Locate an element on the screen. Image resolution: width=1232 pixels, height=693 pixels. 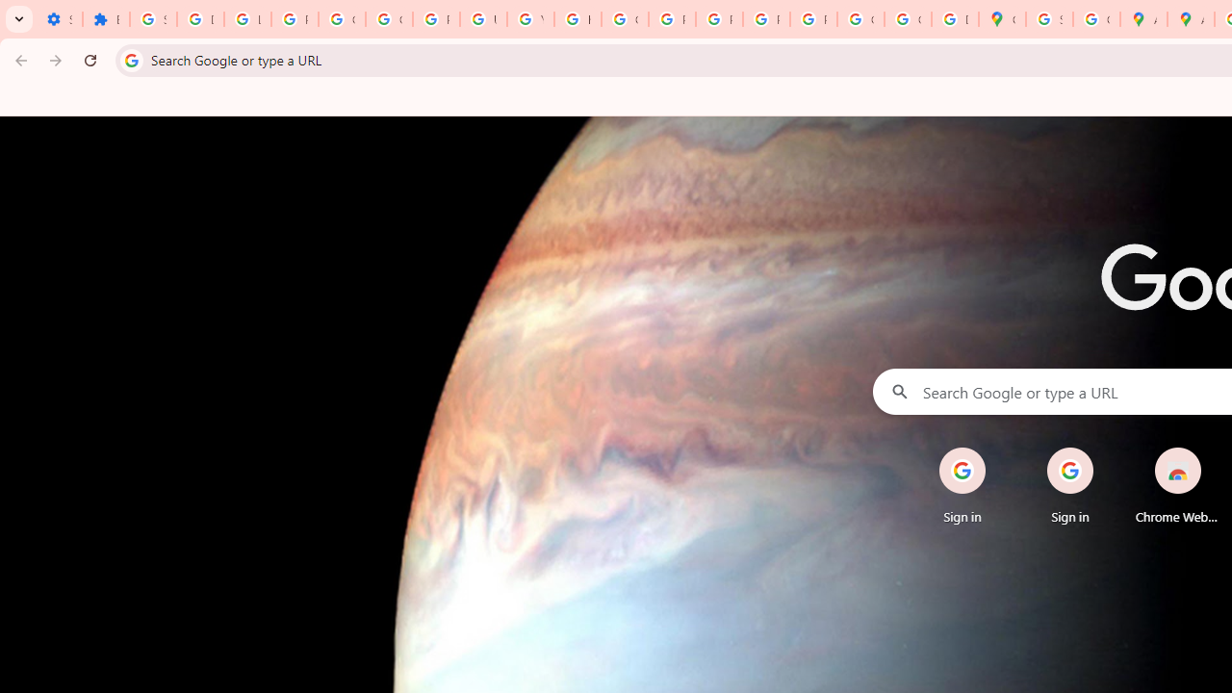
'Sign in - Google Accounts' is located at coordinates (1048, 19).